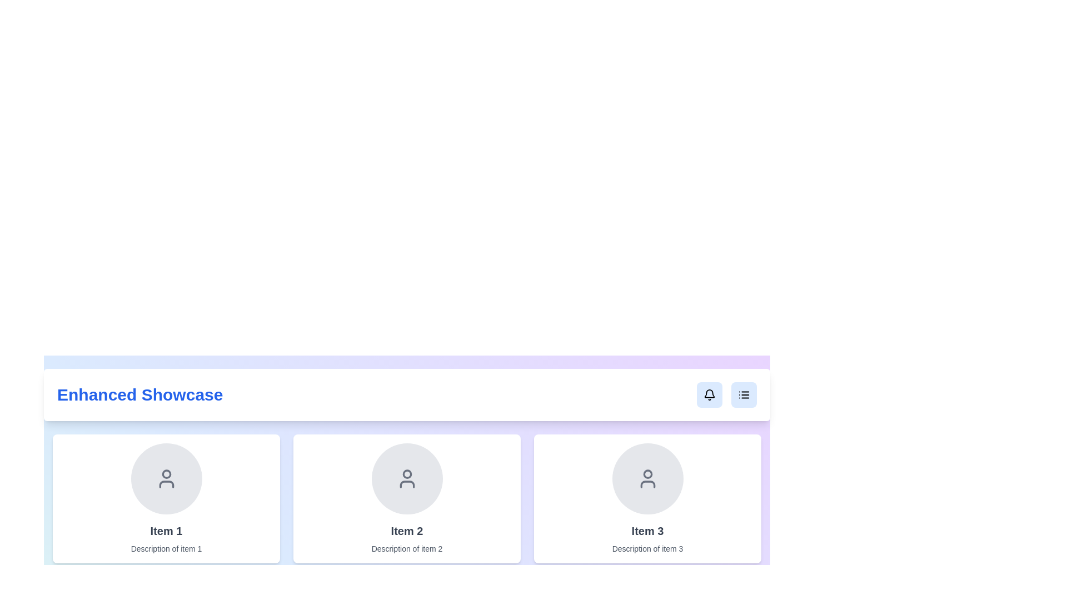  I want to click on the text label providing supplementary information for 'Item 2', located at the bottom of the central card, so click(406, 548).